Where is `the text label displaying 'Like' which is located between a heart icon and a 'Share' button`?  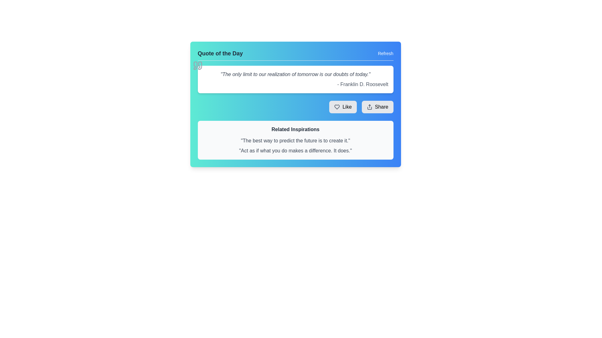 the text label displaying 'Like' which is located between a heart icon and a 'Share' button is located at coordinates (347, 107).